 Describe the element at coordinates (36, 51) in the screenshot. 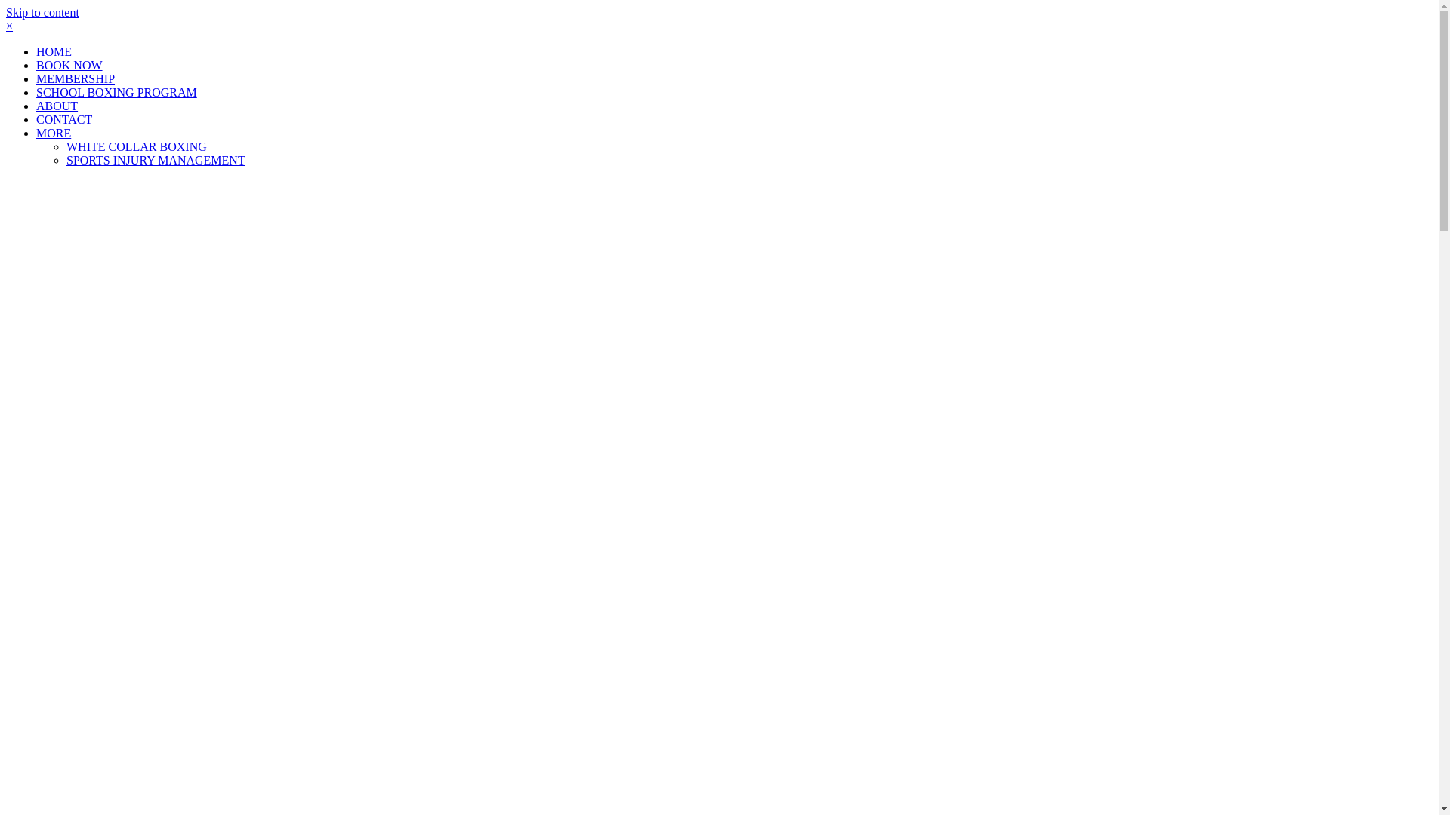

I see `'HOME'` at that location.